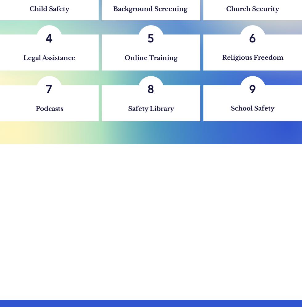 This screenshot has width=302, height=307. Describe the element at coordinates (151, 108) in the screenshot. I see `'Safety Library'` at that location.